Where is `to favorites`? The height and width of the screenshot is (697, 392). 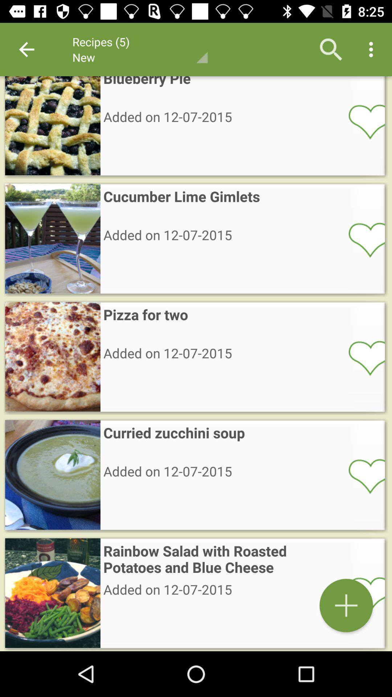 to favorites is located at coordinates (362, 358).